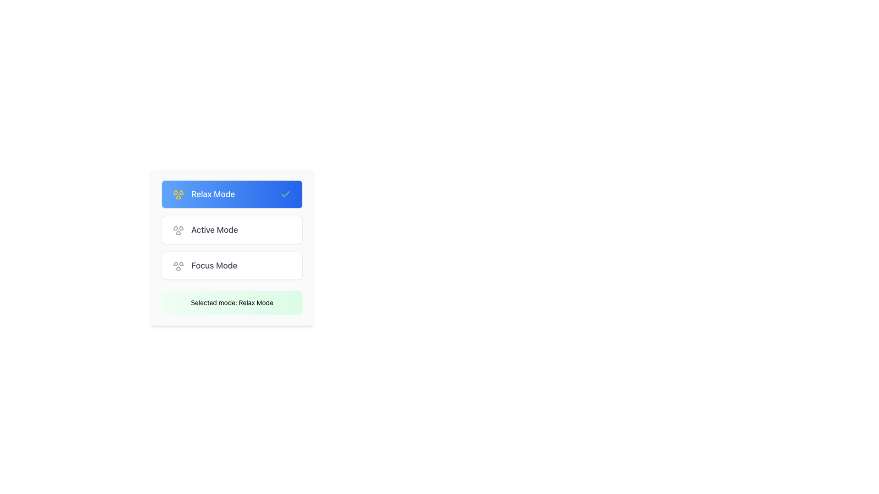  I want to click on the 'Relax Mode' list item in the settings menu to access further options, so click(203, 193).